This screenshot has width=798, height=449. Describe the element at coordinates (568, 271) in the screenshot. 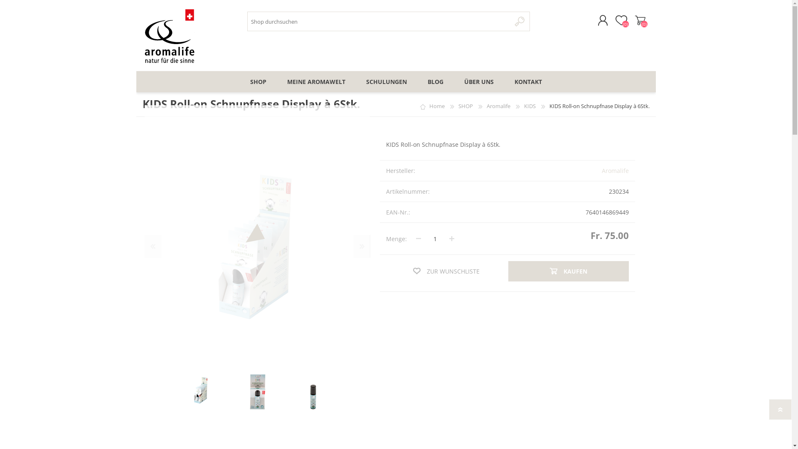

I see `'KAUFEN'` at that location.